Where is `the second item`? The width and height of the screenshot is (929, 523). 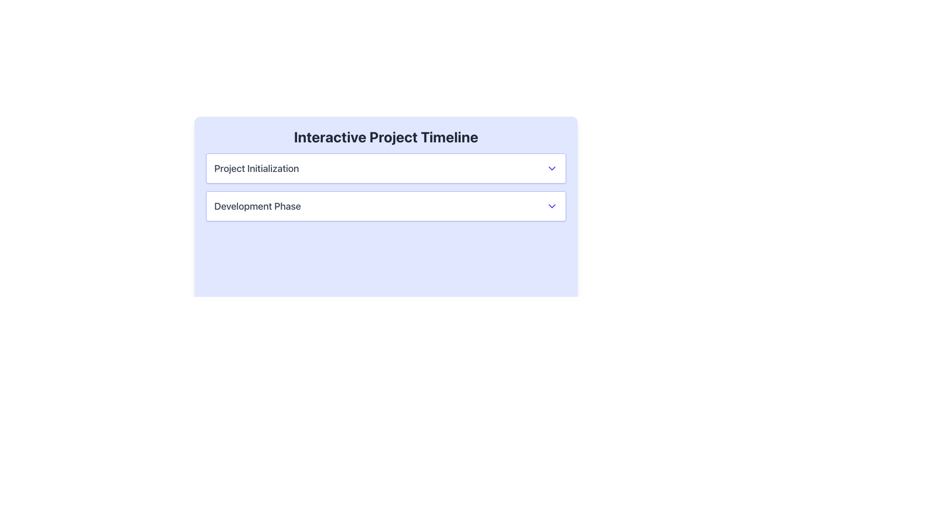
the second item is located at coordinates (385, 200).